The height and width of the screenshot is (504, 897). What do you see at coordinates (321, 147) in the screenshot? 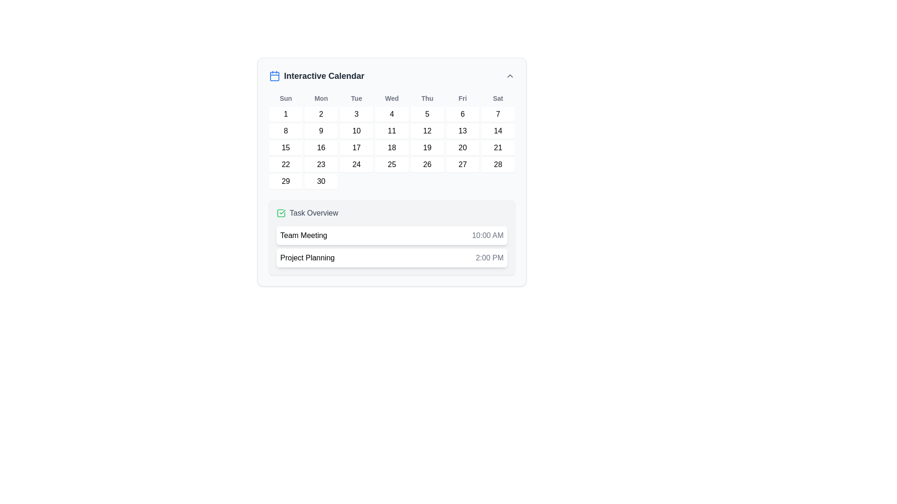
I see `the button-like calendar cell displaying '16'` at bounding box center [321, 147].